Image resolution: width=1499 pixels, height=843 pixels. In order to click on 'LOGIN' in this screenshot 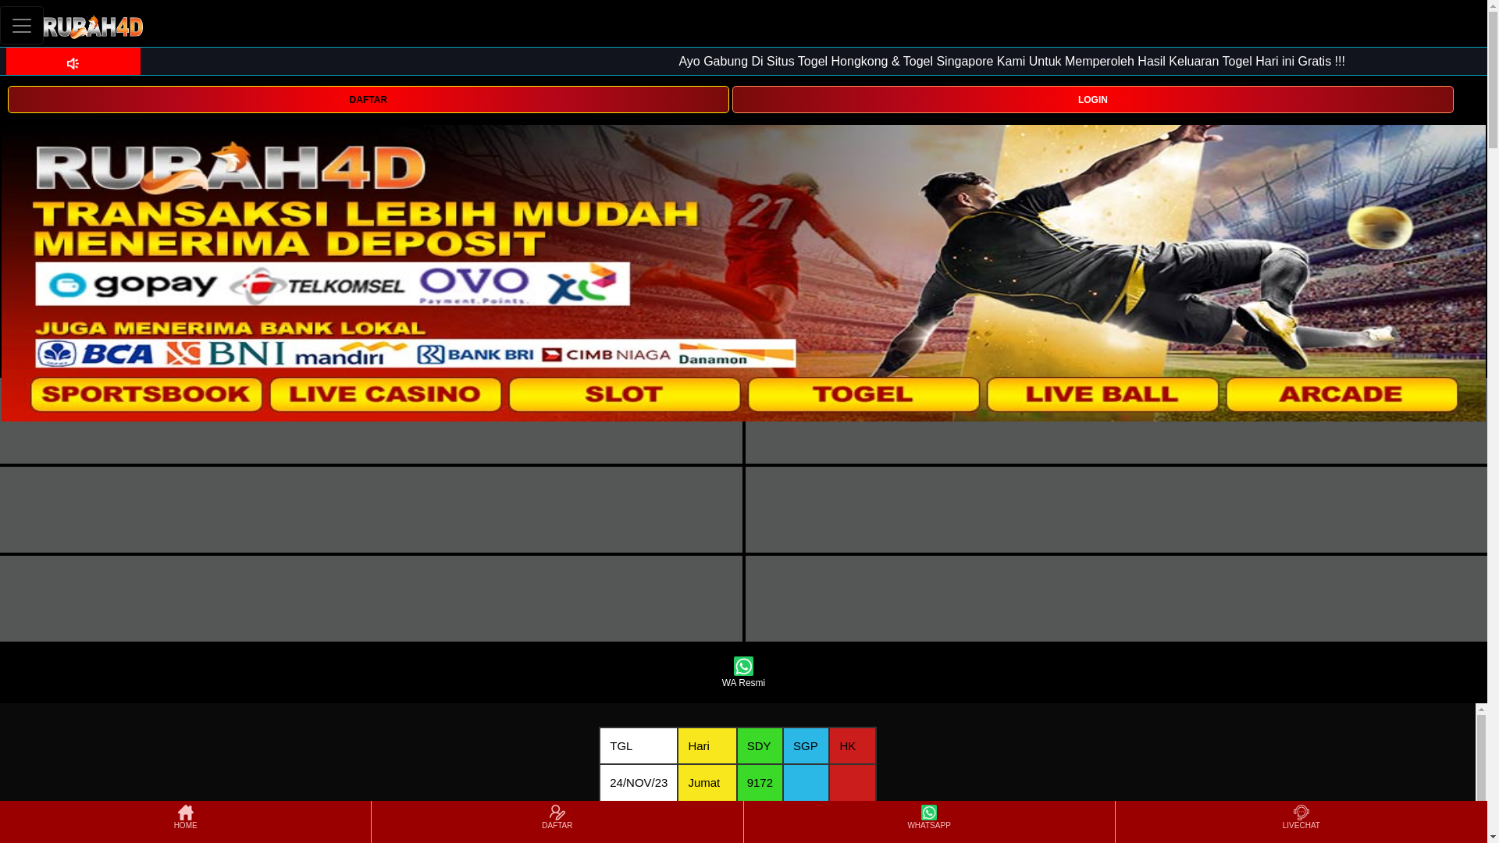, I will do `click(1092, 99)`.